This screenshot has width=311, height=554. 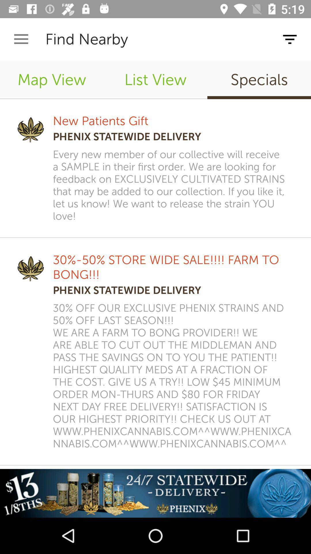 I want to click on icon to the left of list view item, so click(x=52, y=79).